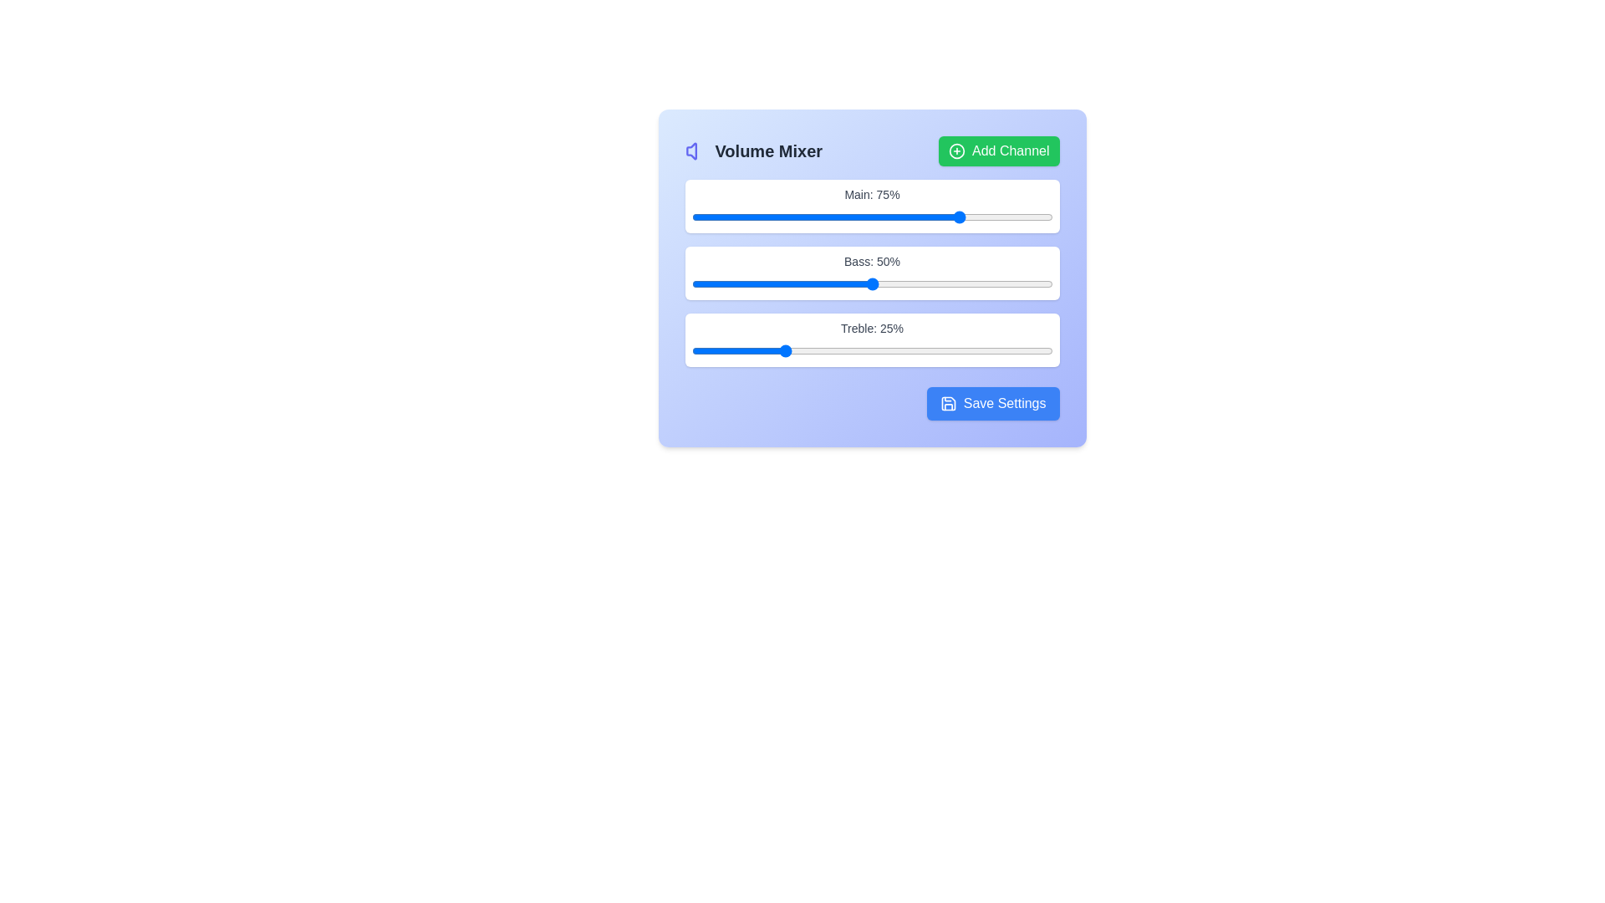  What do you see at coordinates (858, 216) in the screenshot?
I see `the main volume` at bounding box center [858, 216].